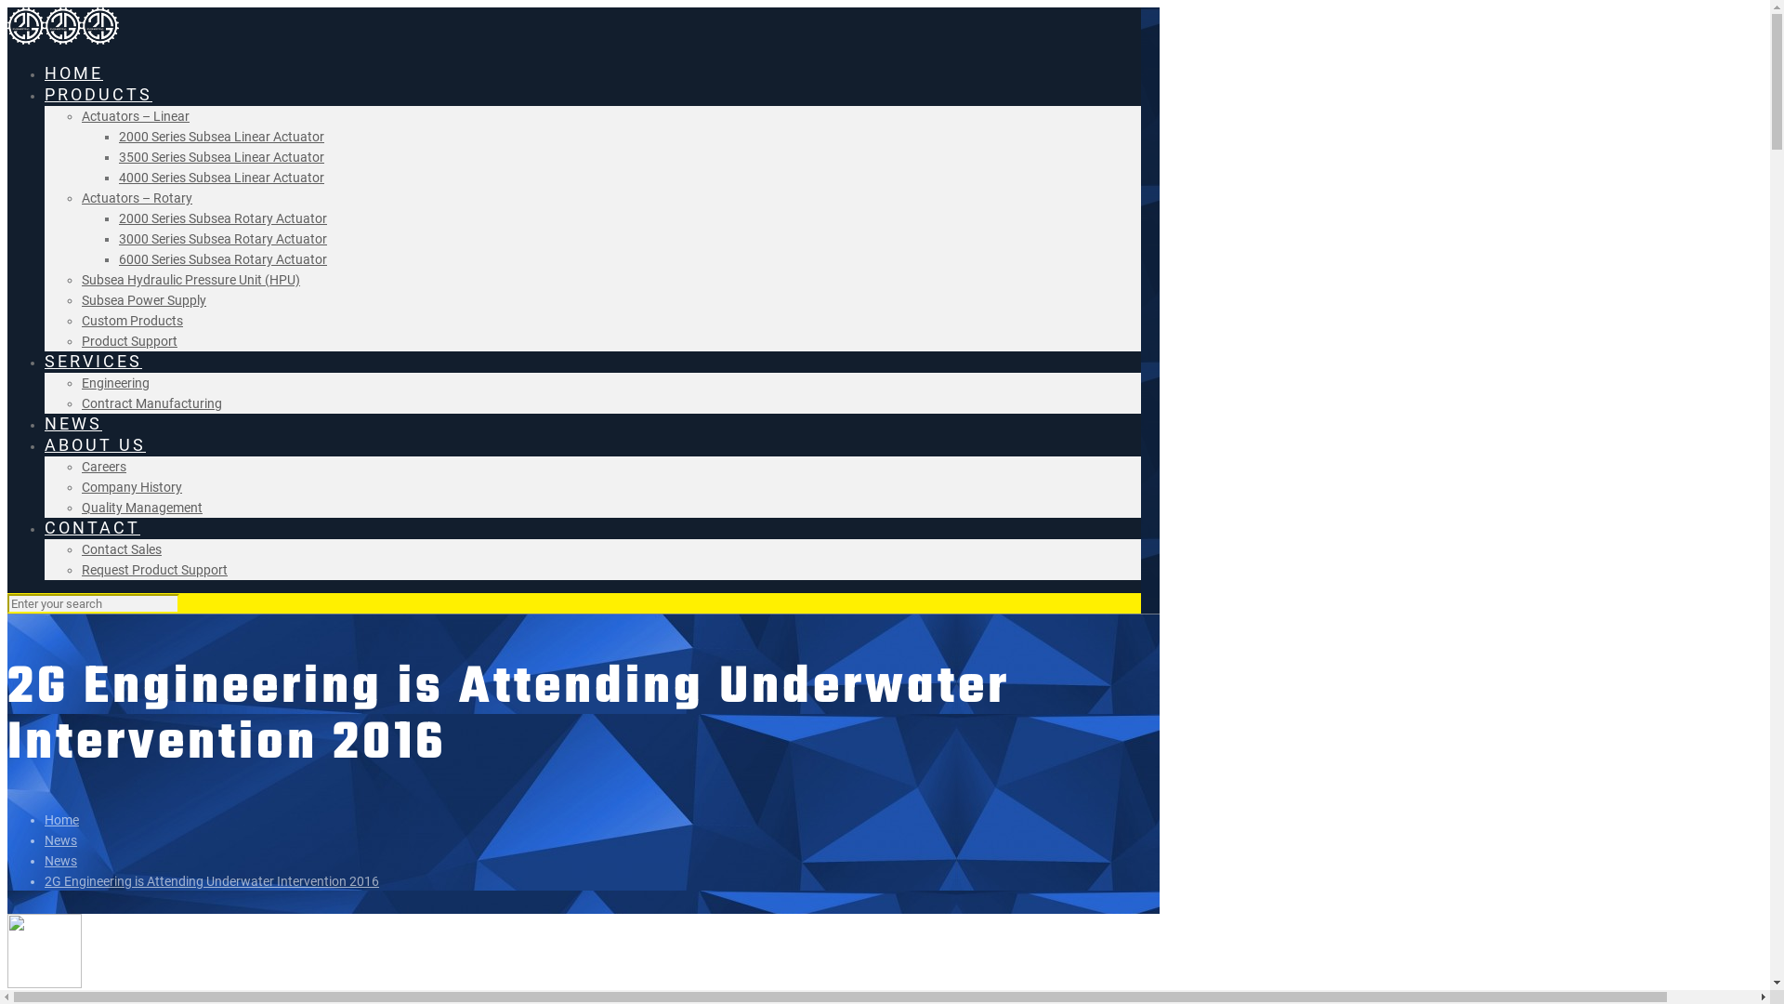  I want to click on 'ABOUT US', so click(94, 444).